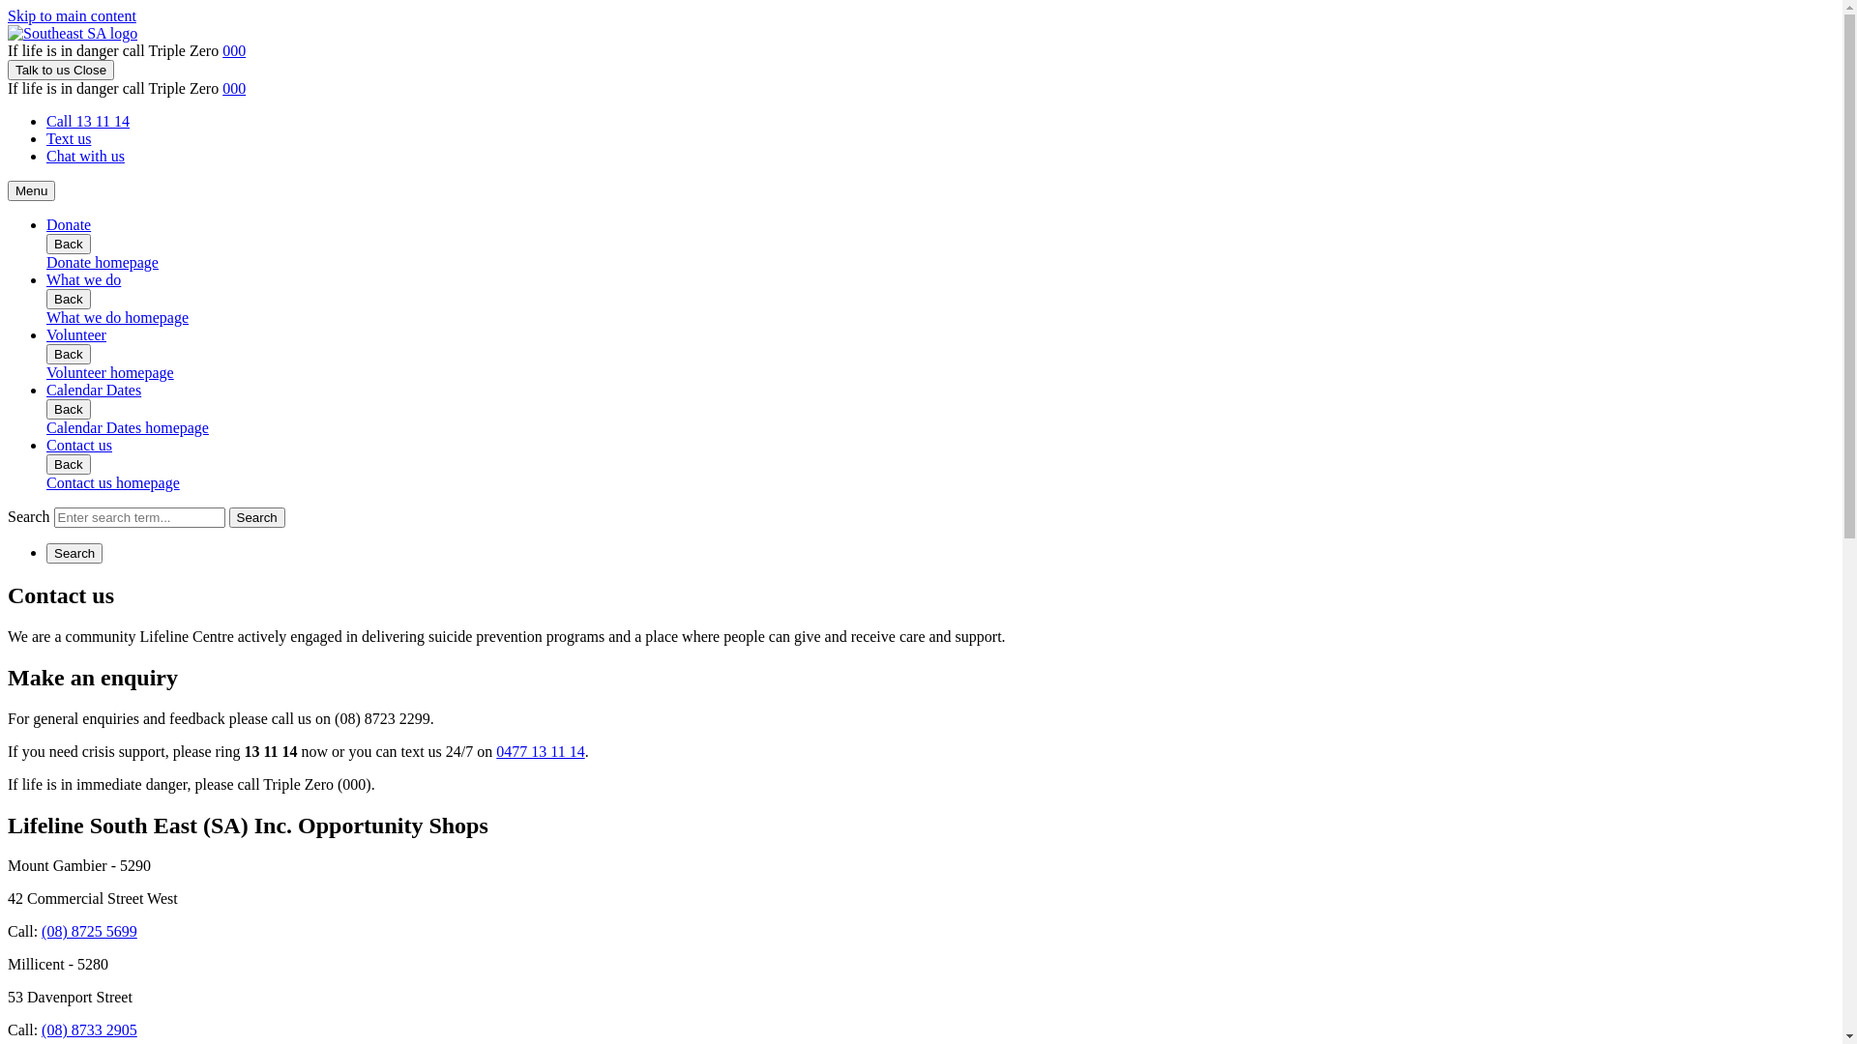  Describe the element at coordinates (88, 930) in the screenshot. I see `'(08) 8725 5699'` at that location.